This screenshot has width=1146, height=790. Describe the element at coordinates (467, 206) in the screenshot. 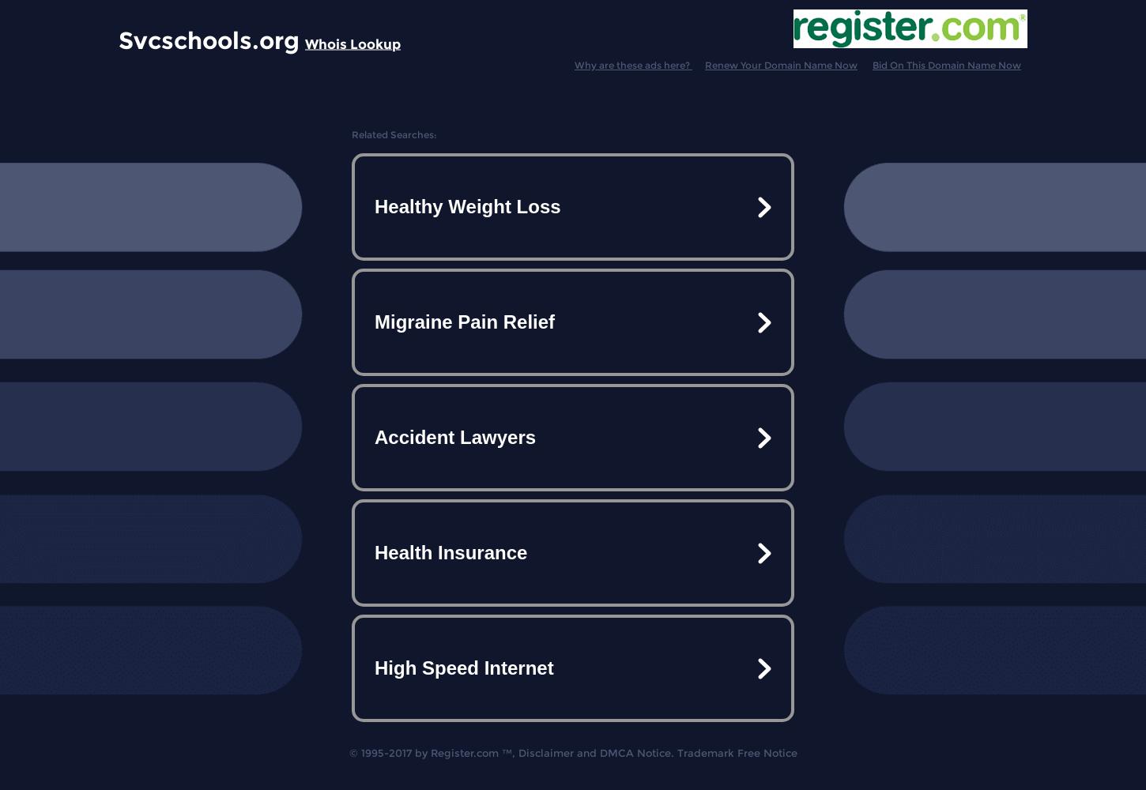

I see `'Healthy Weight Loss'` at that location.